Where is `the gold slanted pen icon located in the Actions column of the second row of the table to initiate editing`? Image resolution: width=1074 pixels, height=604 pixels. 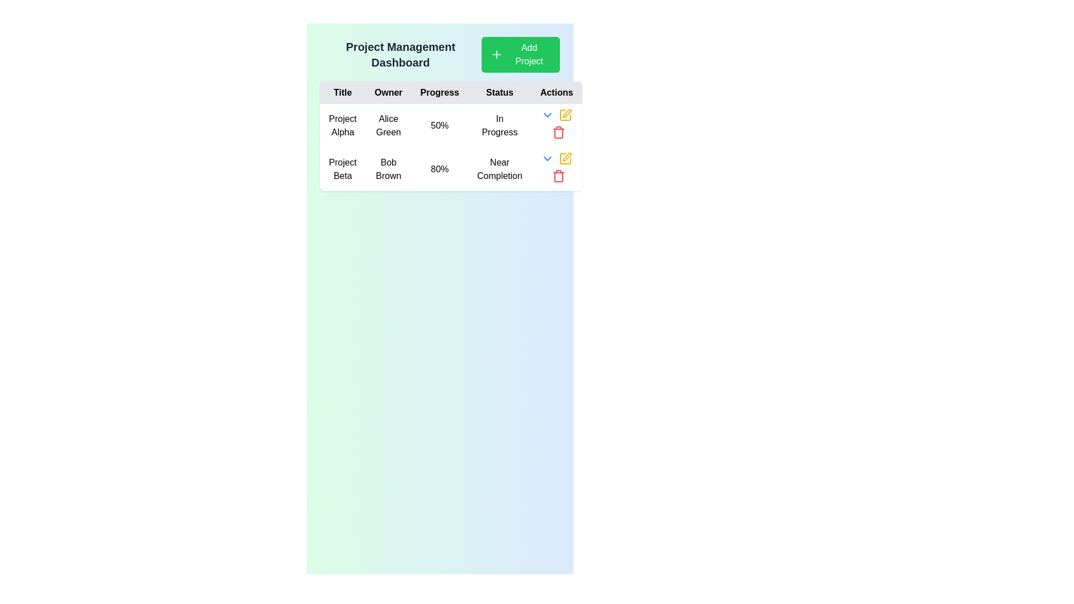 the gold slanted pen icon located in the Actions column of the second row of the table to initiate editing is located at coordinates (567, 157).